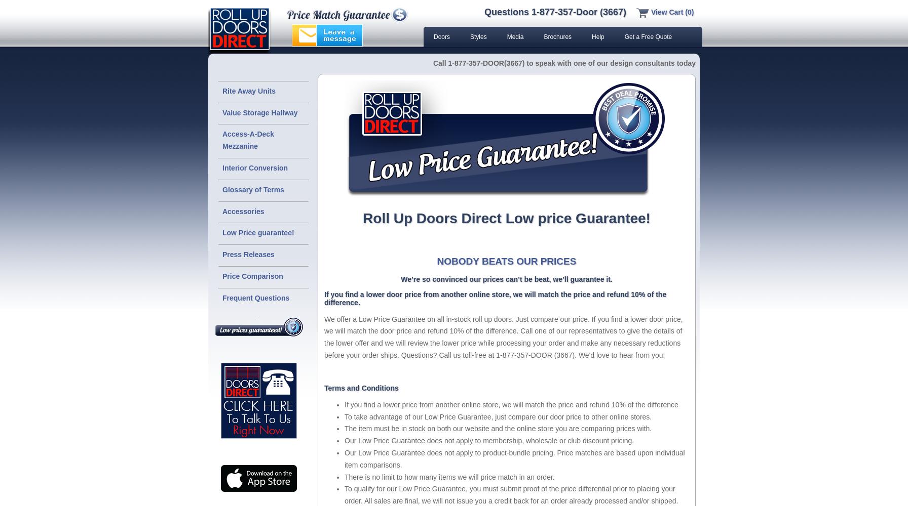 This screenshot has height=506, width=908. What do you see at coordinates (363, 218) in the screenshot?
I see `'Roll Up Doors Direct Low price Guarantee!'` at bounding box center [363, 218].